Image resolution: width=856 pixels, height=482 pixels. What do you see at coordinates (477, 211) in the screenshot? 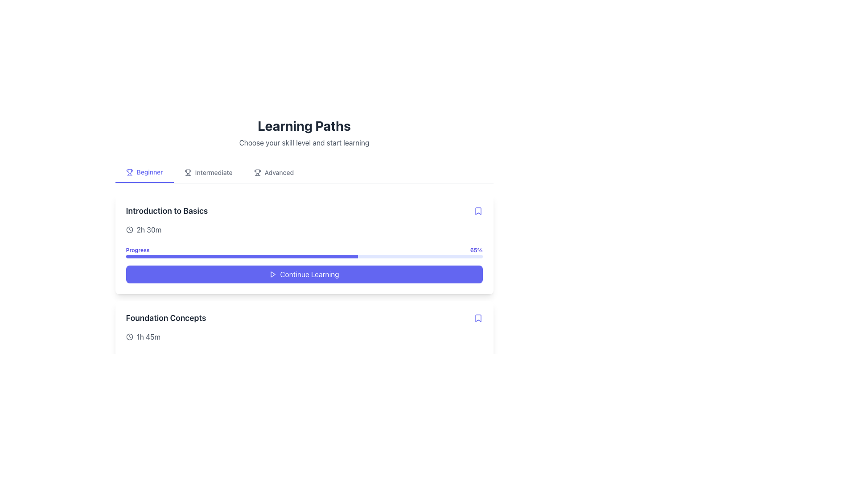
I see `the bookmark icon located in the top-right corner of the 'Introduction to Basics' section to bookmark the module` at bounding box center [477, 211].